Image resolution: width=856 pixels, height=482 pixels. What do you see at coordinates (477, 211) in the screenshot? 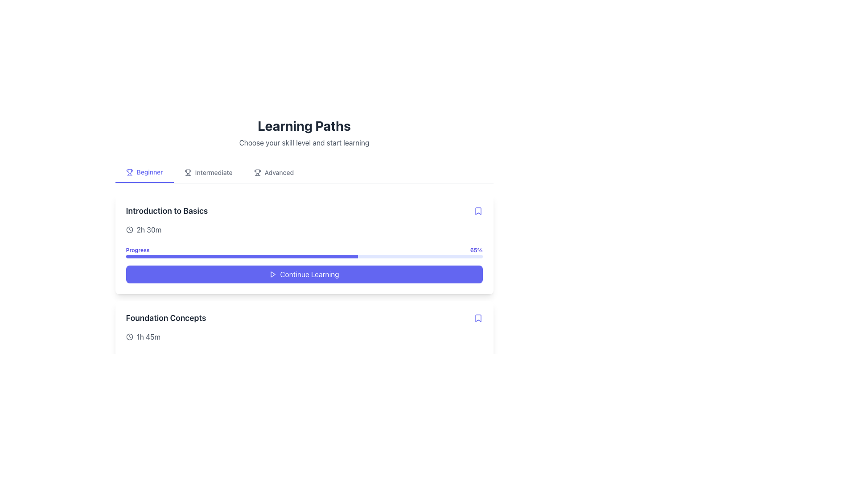
I see `the bookmark icon located in the top-right corner of the 'Introduction to Basics' section to bookmark the module` at bounding box center [477, 211].